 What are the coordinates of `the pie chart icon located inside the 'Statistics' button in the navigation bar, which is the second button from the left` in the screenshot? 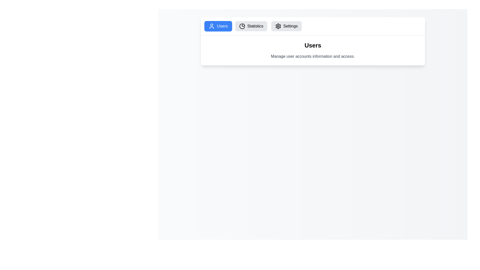 It's located at (242, 26).